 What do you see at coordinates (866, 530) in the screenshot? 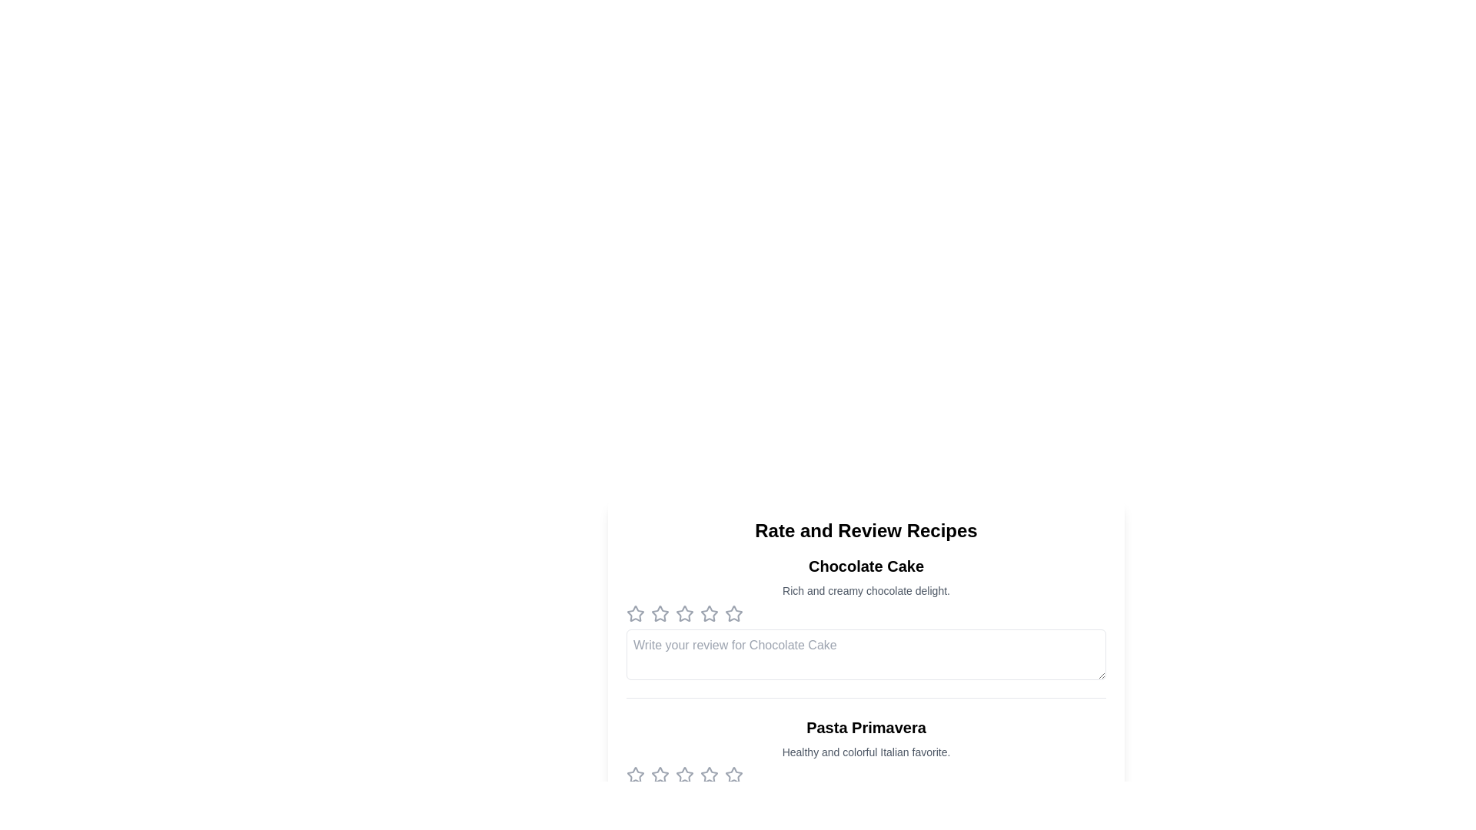
I see `the primary heading that introduces the functionality and purpose of the content related to rating and reviewing recipes, located above the list starting with 'Chocolate Cake'` at bounding box center [866, 530].